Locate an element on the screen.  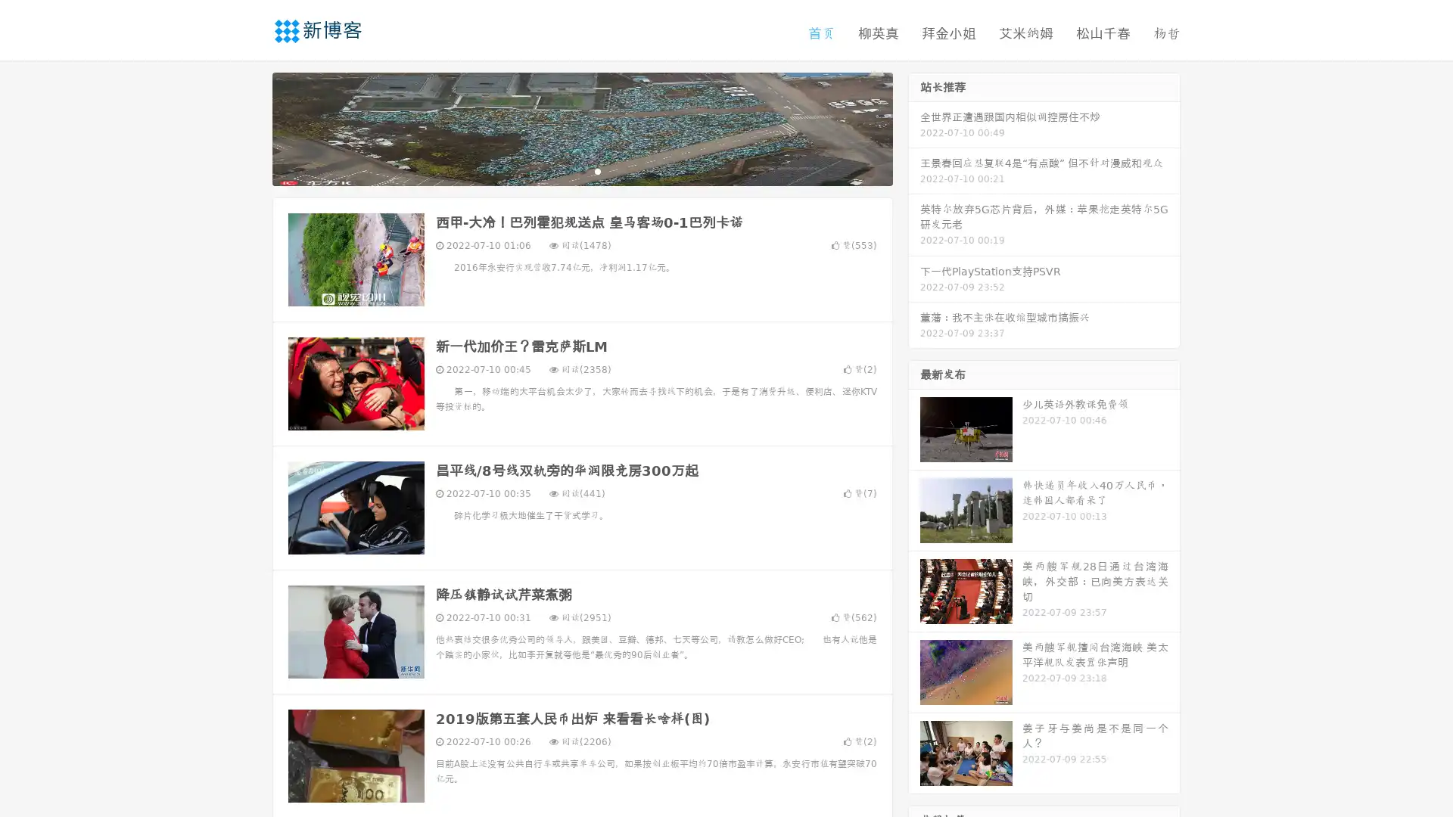
Go to slide 3 is located at coordinates (597, 170).